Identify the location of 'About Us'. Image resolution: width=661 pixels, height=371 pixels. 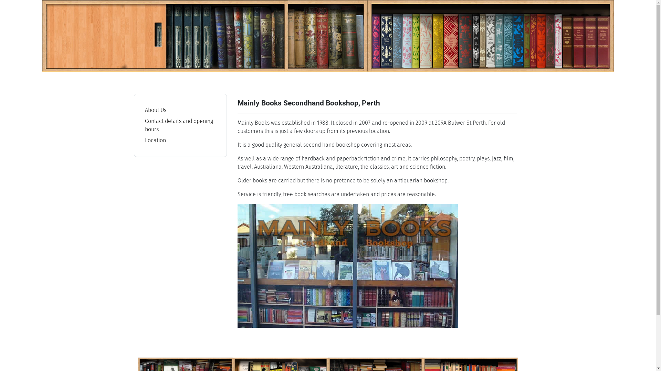
(144, 110).